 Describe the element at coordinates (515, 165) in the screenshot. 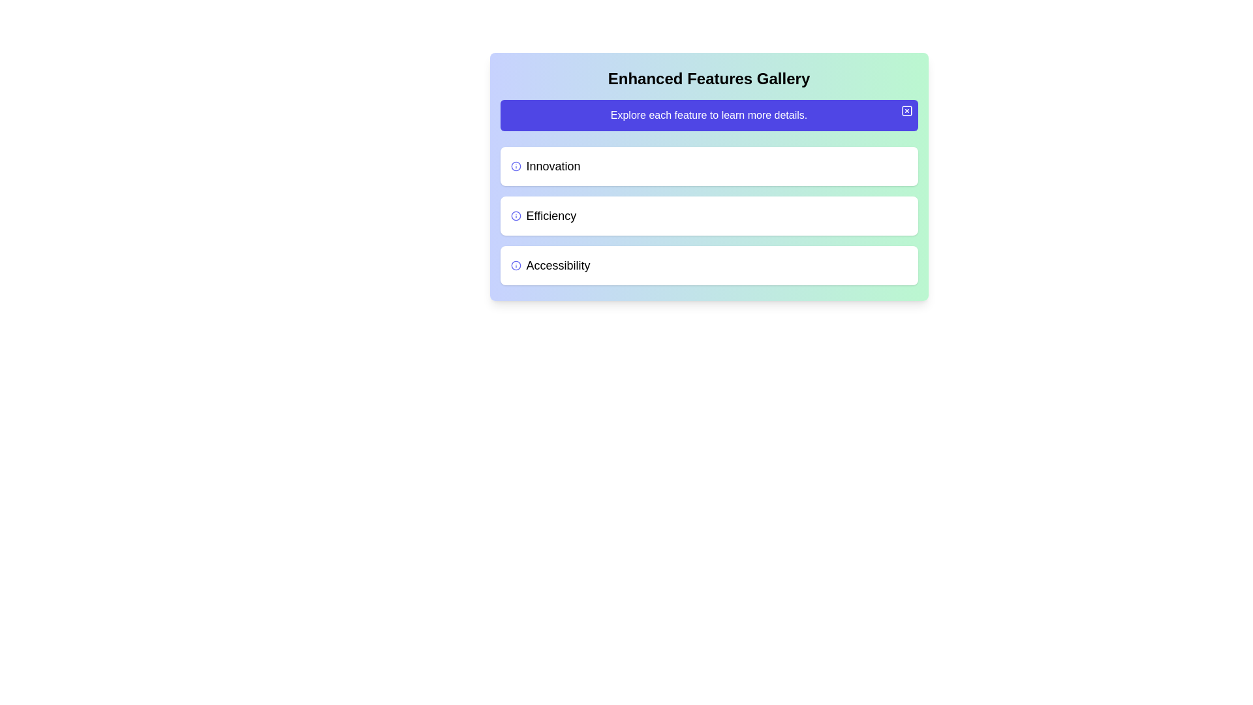

I see `the 'Innovation' icon` at that location.